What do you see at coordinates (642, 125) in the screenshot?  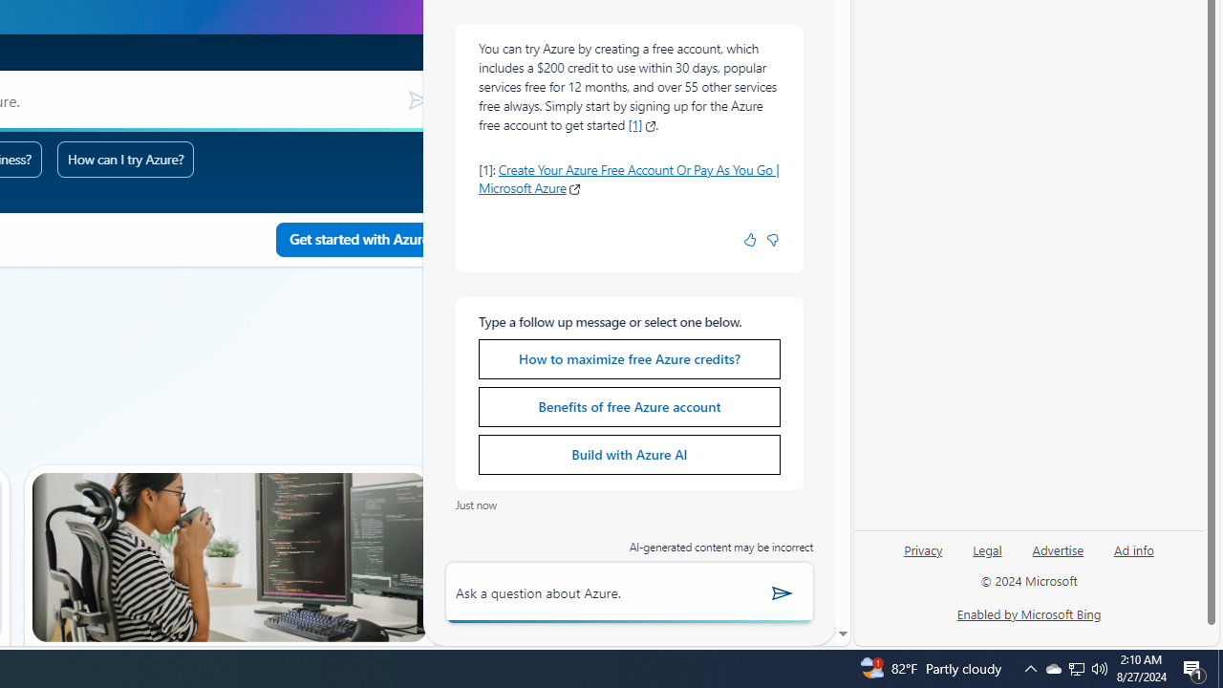 I see `'[1] Opens in a new window; external.'` at bounding box center [642, 125].